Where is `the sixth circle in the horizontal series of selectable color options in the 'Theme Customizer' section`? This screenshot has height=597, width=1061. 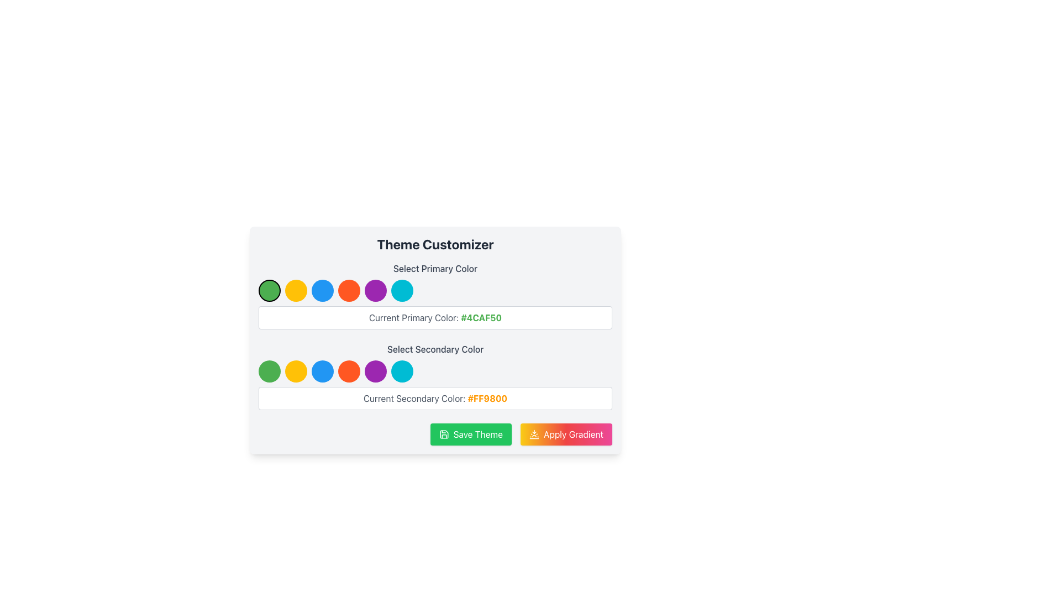 the sixth circle in the horizontal series of selectable color options in the 'Theme Customizer' section is located at coordinates (402, 290).